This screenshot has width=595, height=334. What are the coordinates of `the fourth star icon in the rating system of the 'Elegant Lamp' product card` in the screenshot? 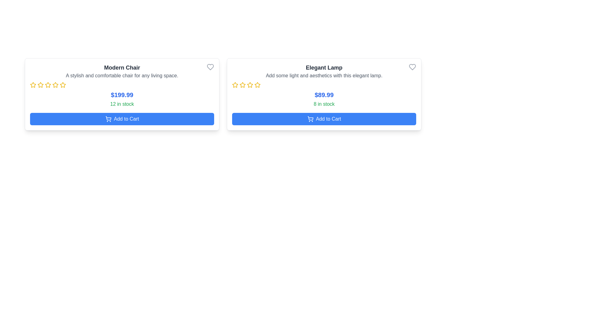 It's located at (257, 85).